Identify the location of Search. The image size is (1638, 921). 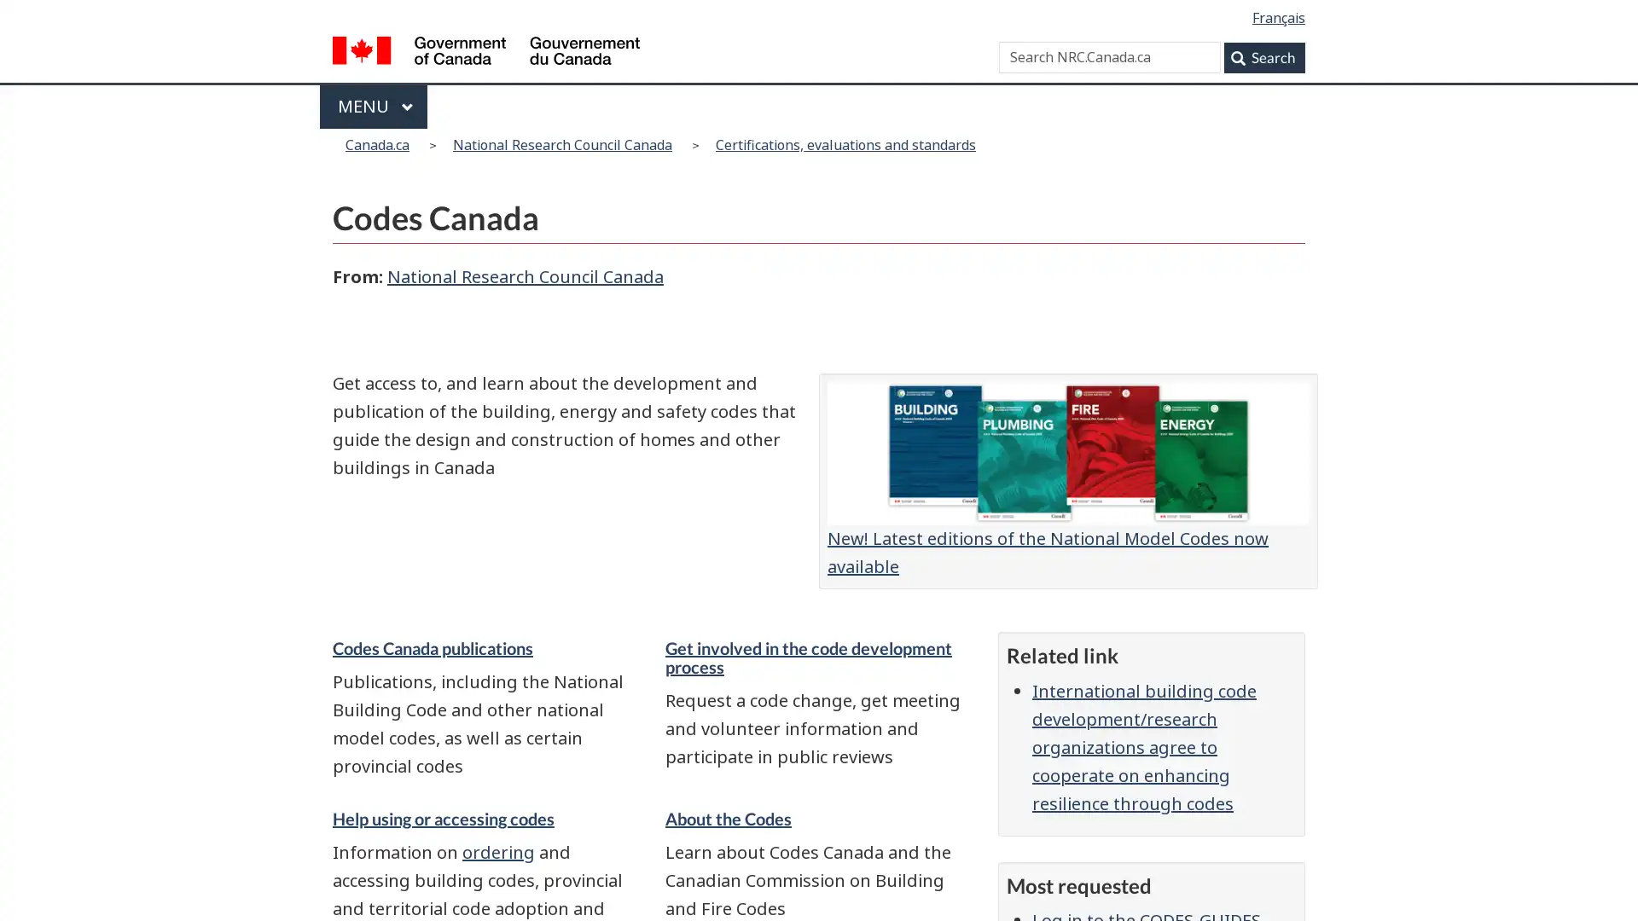
(1264, 55).